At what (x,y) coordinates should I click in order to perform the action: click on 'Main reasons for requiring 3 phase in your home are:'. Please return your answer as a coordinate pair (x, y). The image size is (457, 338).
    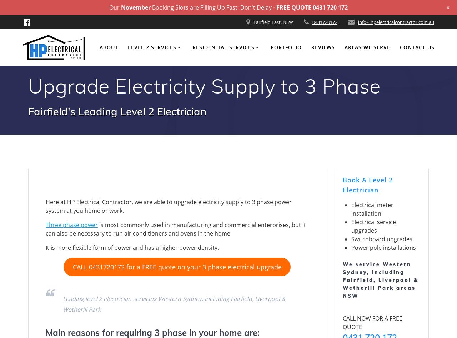
    Looking at the image, I should click on (45, 332).